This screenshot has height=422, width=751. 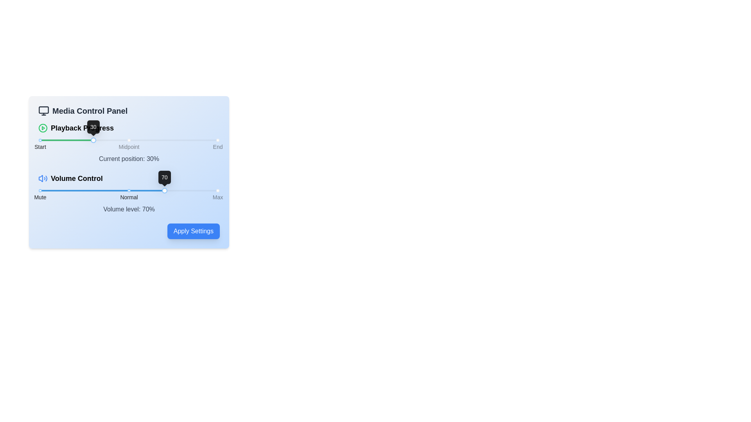 I want to click on the text label 'Media Control Panel' which is styled in a large, bold font and located prominently at the top of the interface, so click(x=90, y=111).